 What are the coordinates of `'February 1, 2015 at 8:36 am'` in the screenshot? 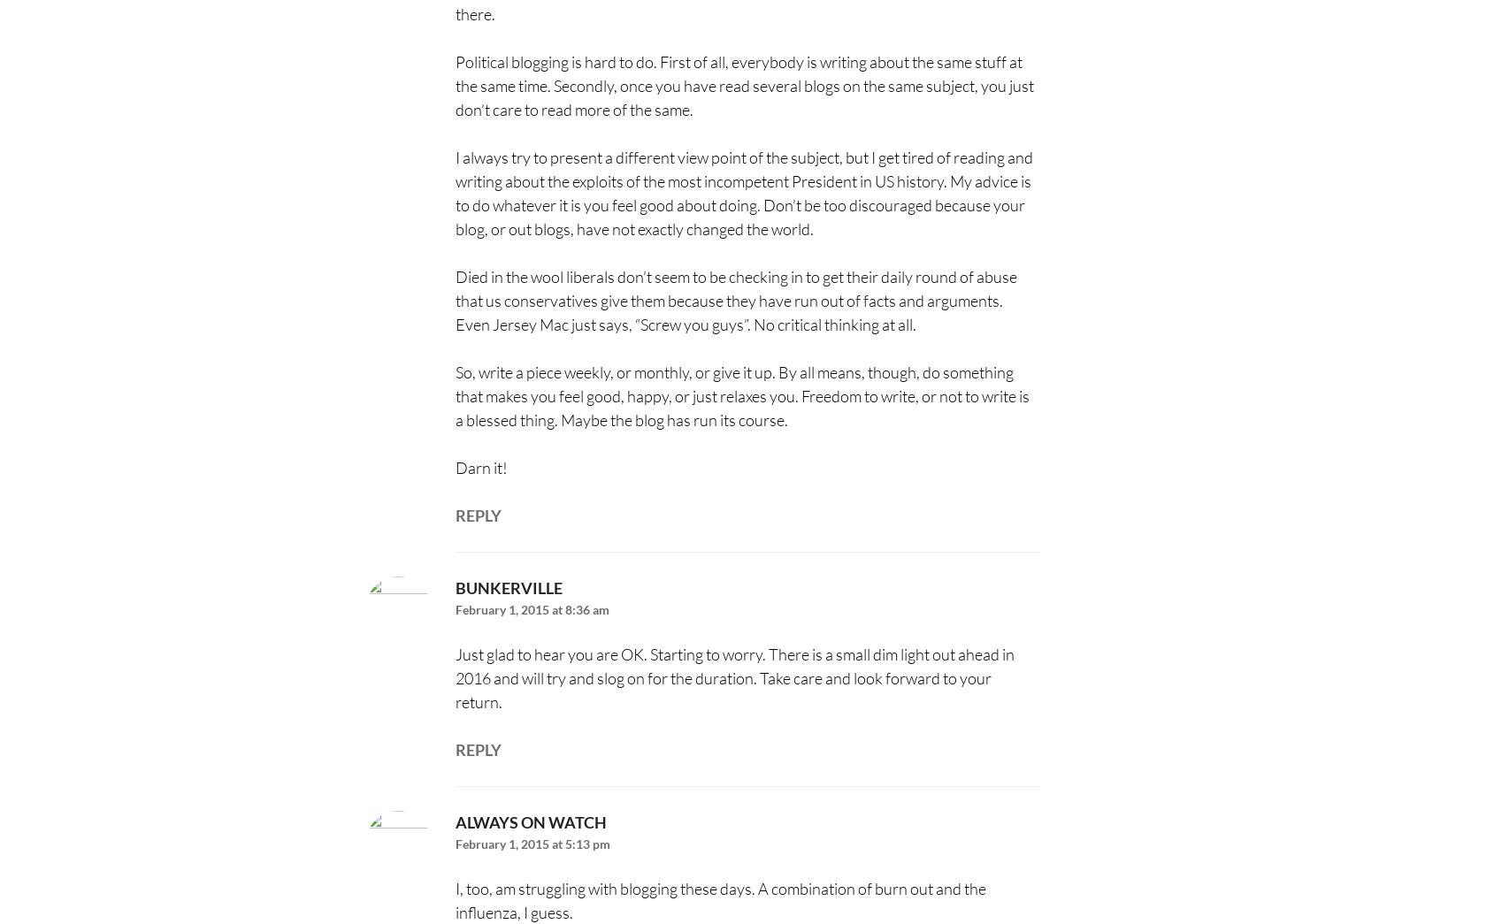 It's located at (530, 609).